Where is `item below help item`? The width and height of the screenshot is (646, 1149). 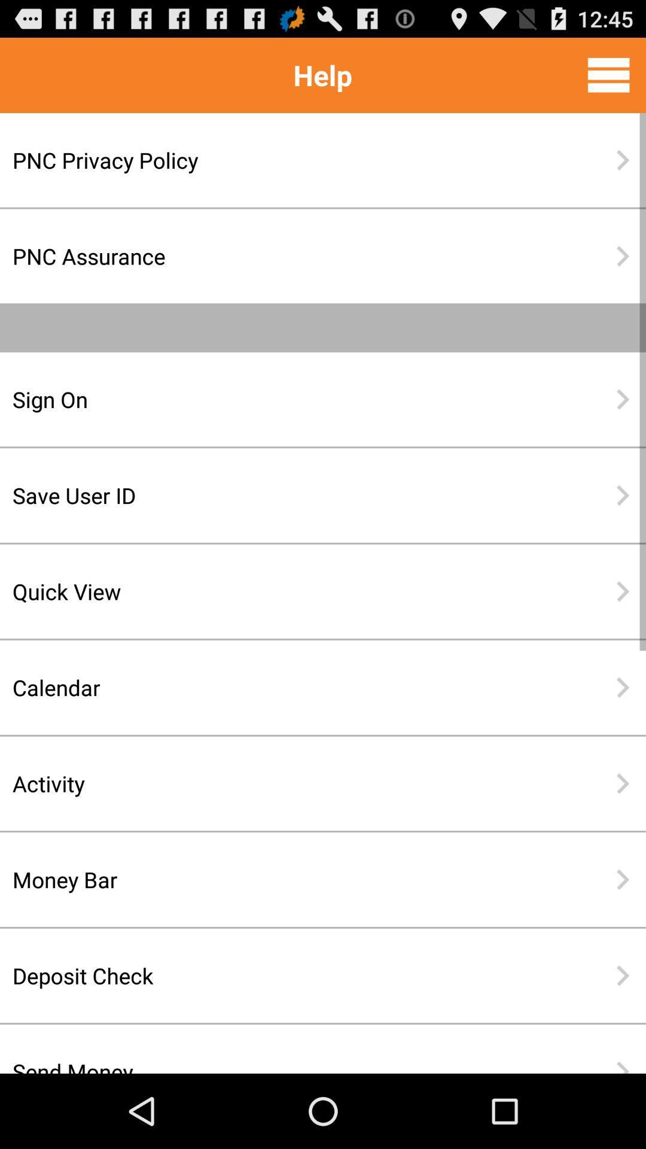
item below help item is located at coordinates (284, 159).